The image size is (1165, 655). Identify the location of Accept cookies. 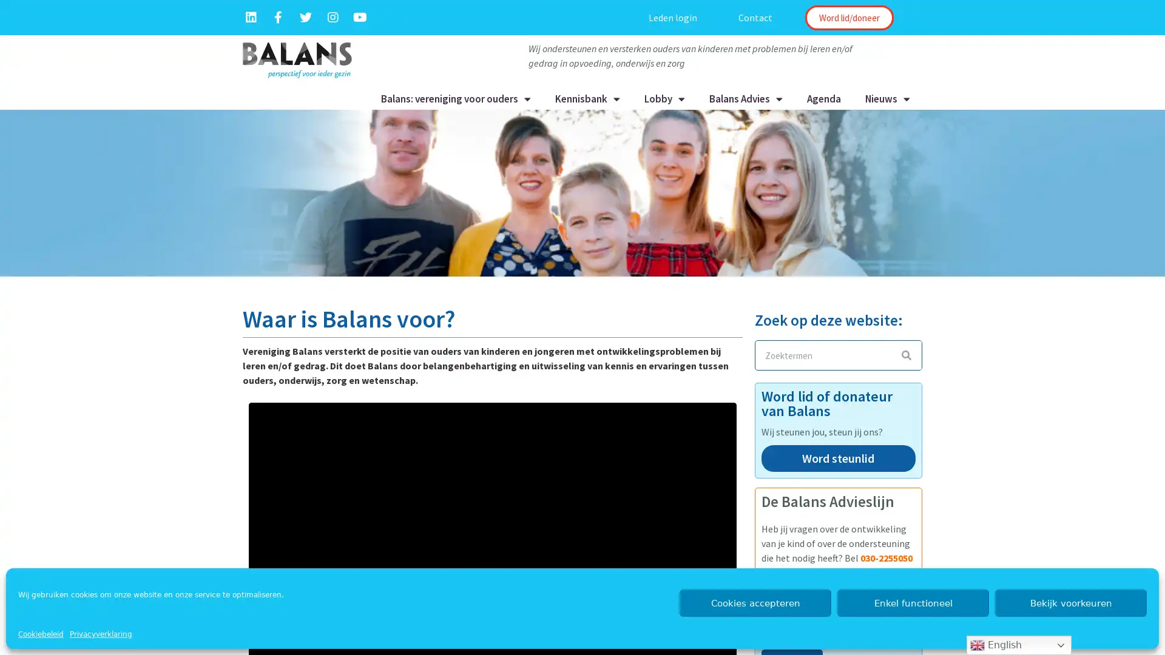
(754, 603).